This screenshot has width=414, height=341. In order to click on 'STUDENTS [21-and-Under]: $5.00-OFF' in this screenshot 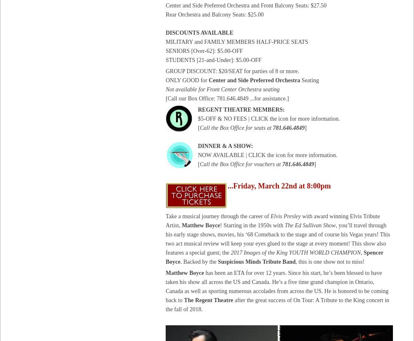, I will do `click(214, 60)`.